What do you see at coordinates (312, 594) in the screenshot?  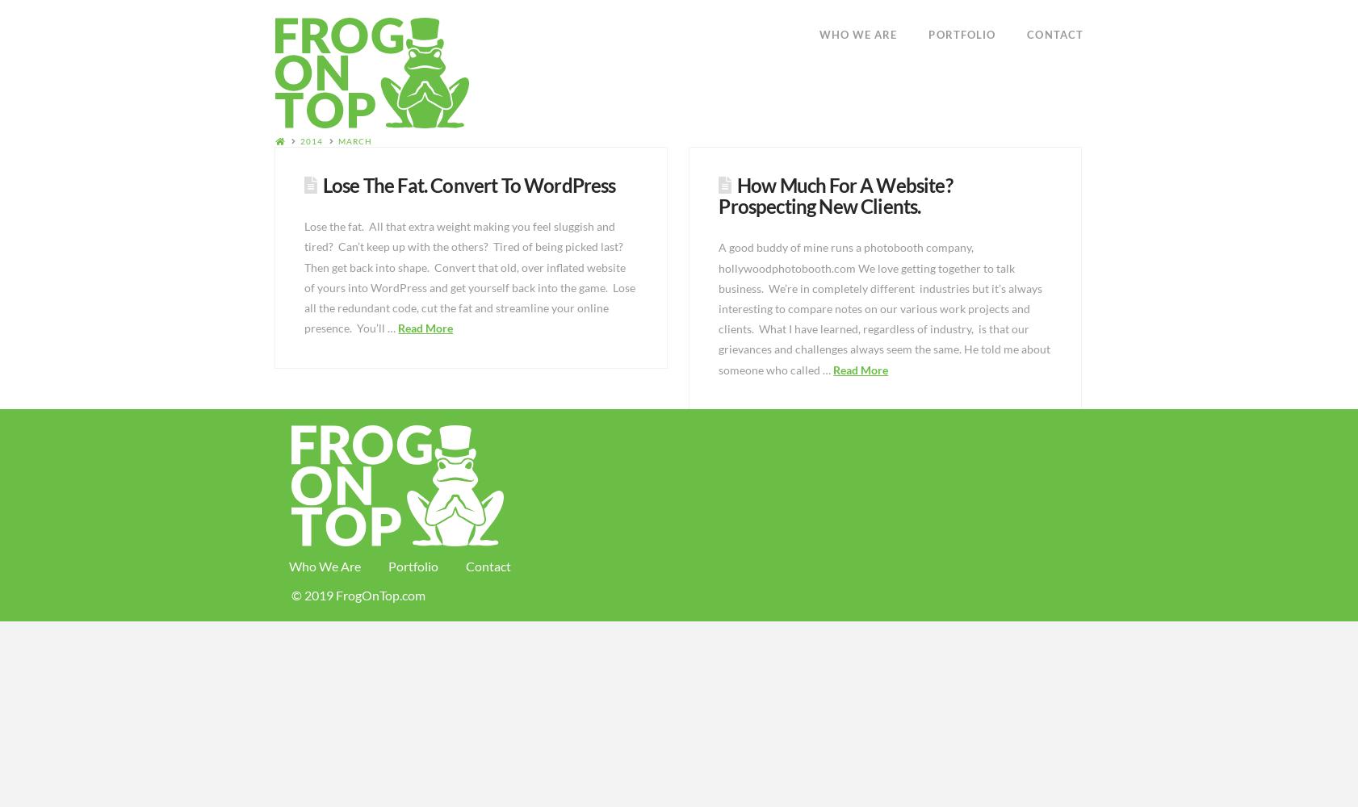 I see `'© 2019'` at bounding box center [312, 594].